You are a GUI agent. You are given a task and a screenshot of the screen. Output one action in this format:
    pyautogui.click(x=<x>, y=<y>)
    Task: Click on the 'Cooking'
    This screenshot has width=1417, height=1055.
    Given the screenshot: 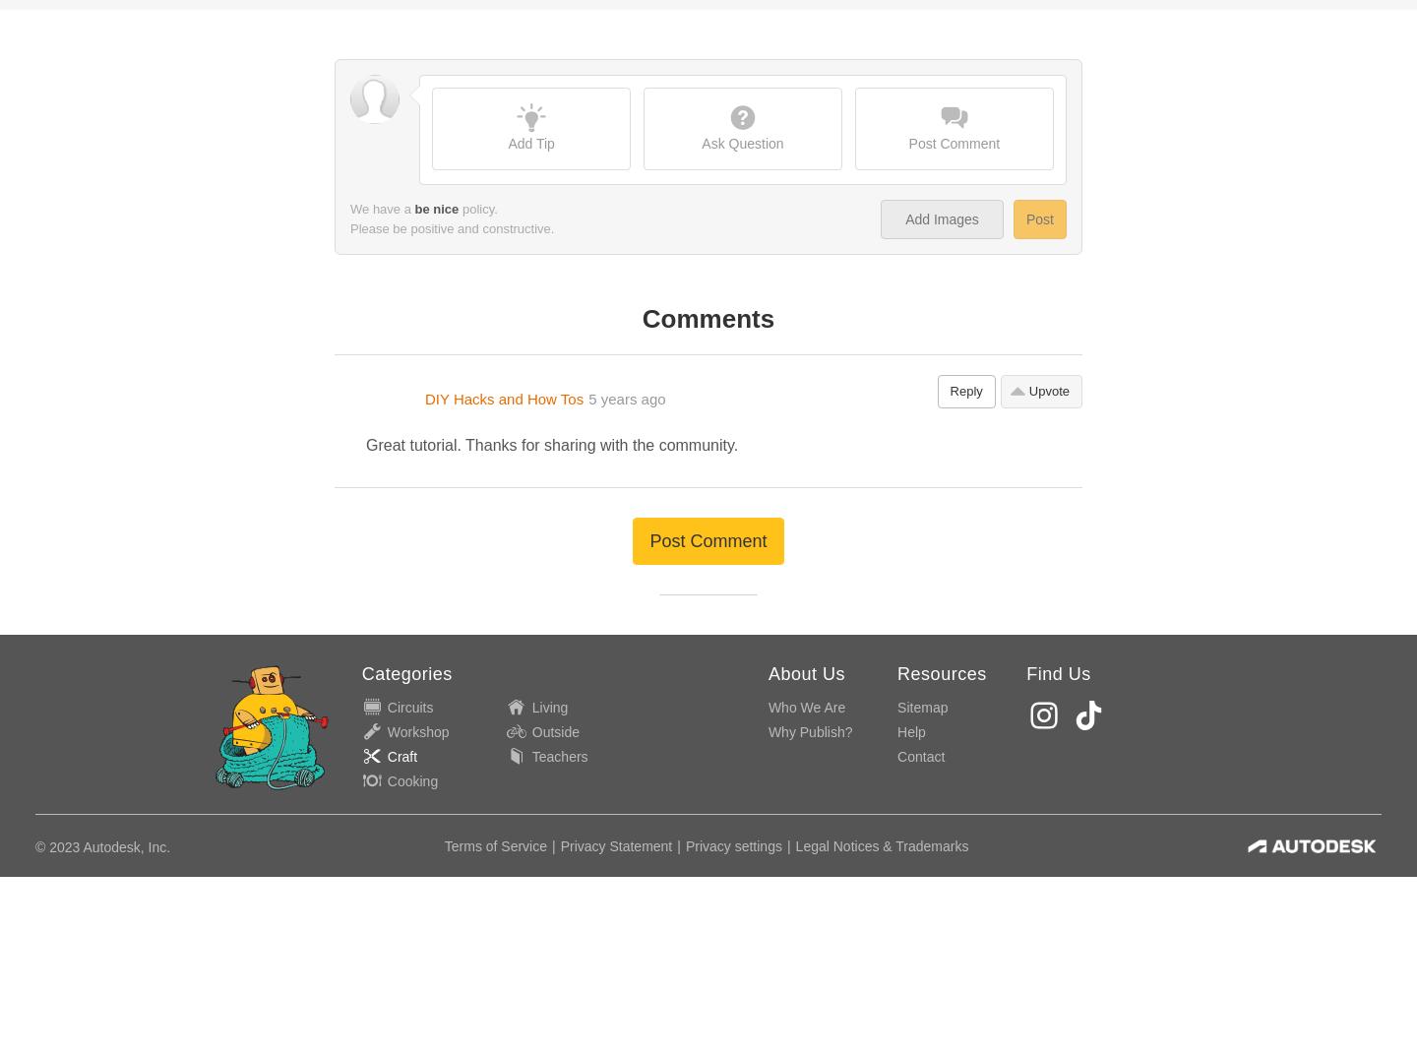 What is the action you would take?
    pyautogui.click(x=411, y=326)
    